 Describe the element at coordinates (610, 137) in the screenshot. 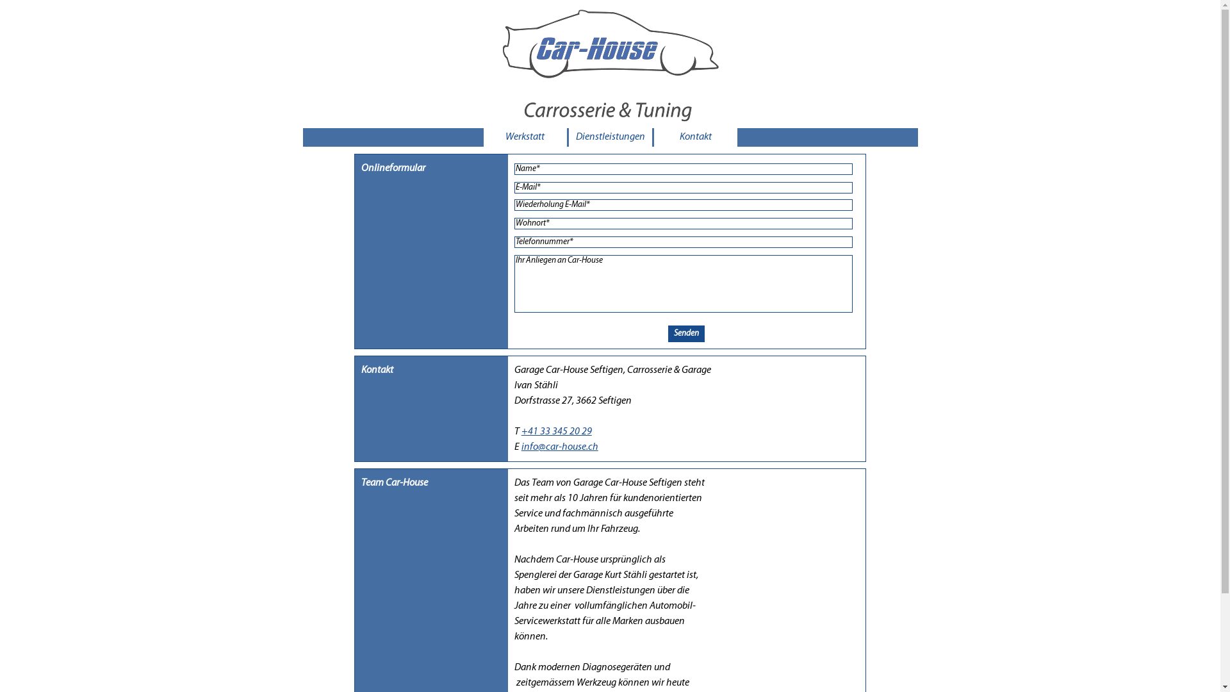

I see `'Dienstleistungen'` at that location.